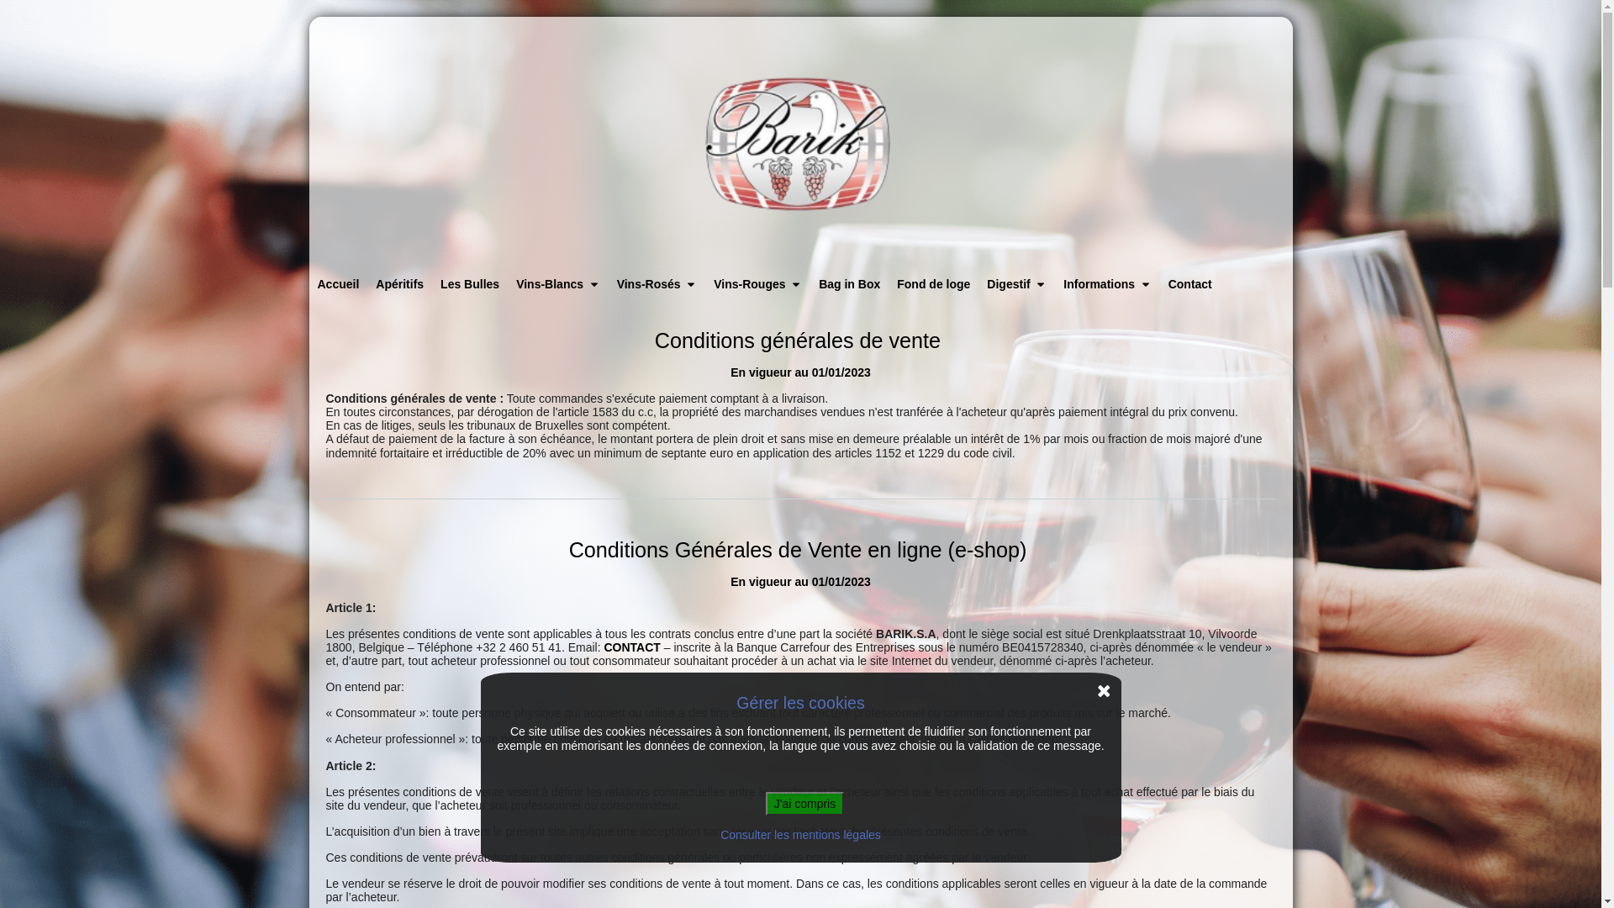 The width and height of the screenshot is (1614, 908). Describe the element at coordinates (804, 803) in the screenshot. I see `'J'ai compris'` at that location.